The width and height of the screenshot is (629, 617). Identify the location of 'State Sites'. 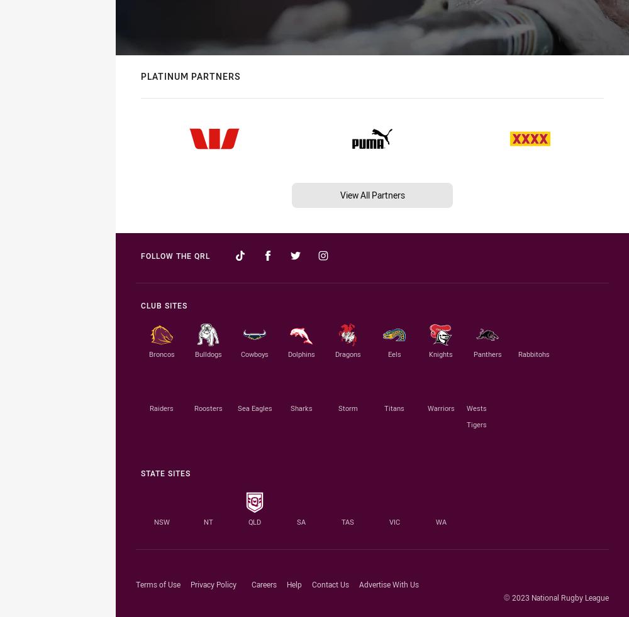
(140, 472).